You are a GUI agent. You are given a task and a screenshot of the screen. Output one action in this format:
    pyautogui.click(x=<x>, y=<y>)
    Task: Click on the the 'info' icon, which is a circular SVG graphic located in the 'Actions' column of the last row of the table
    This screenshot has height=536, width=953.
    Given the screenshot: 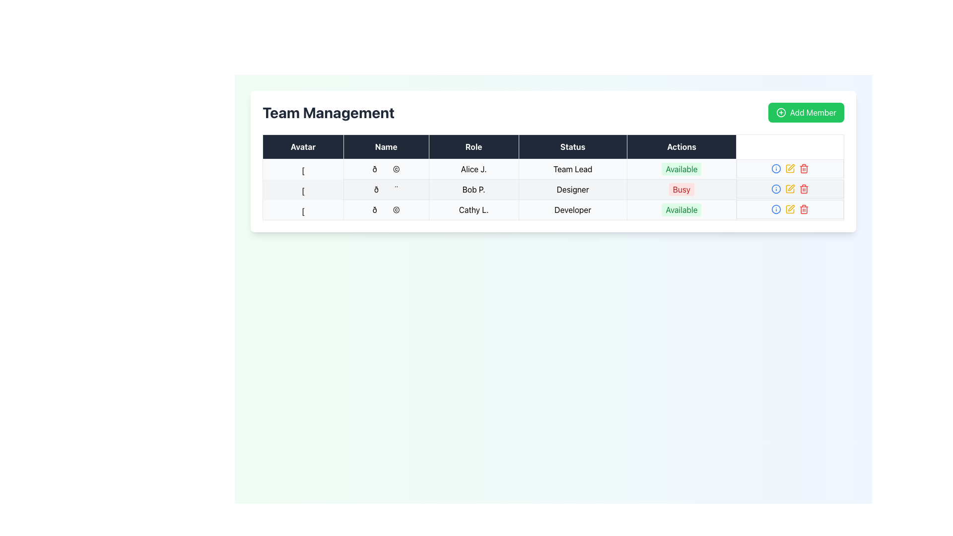 What is the action you would take?
    pyautogui.click(x=776, y=208)
    